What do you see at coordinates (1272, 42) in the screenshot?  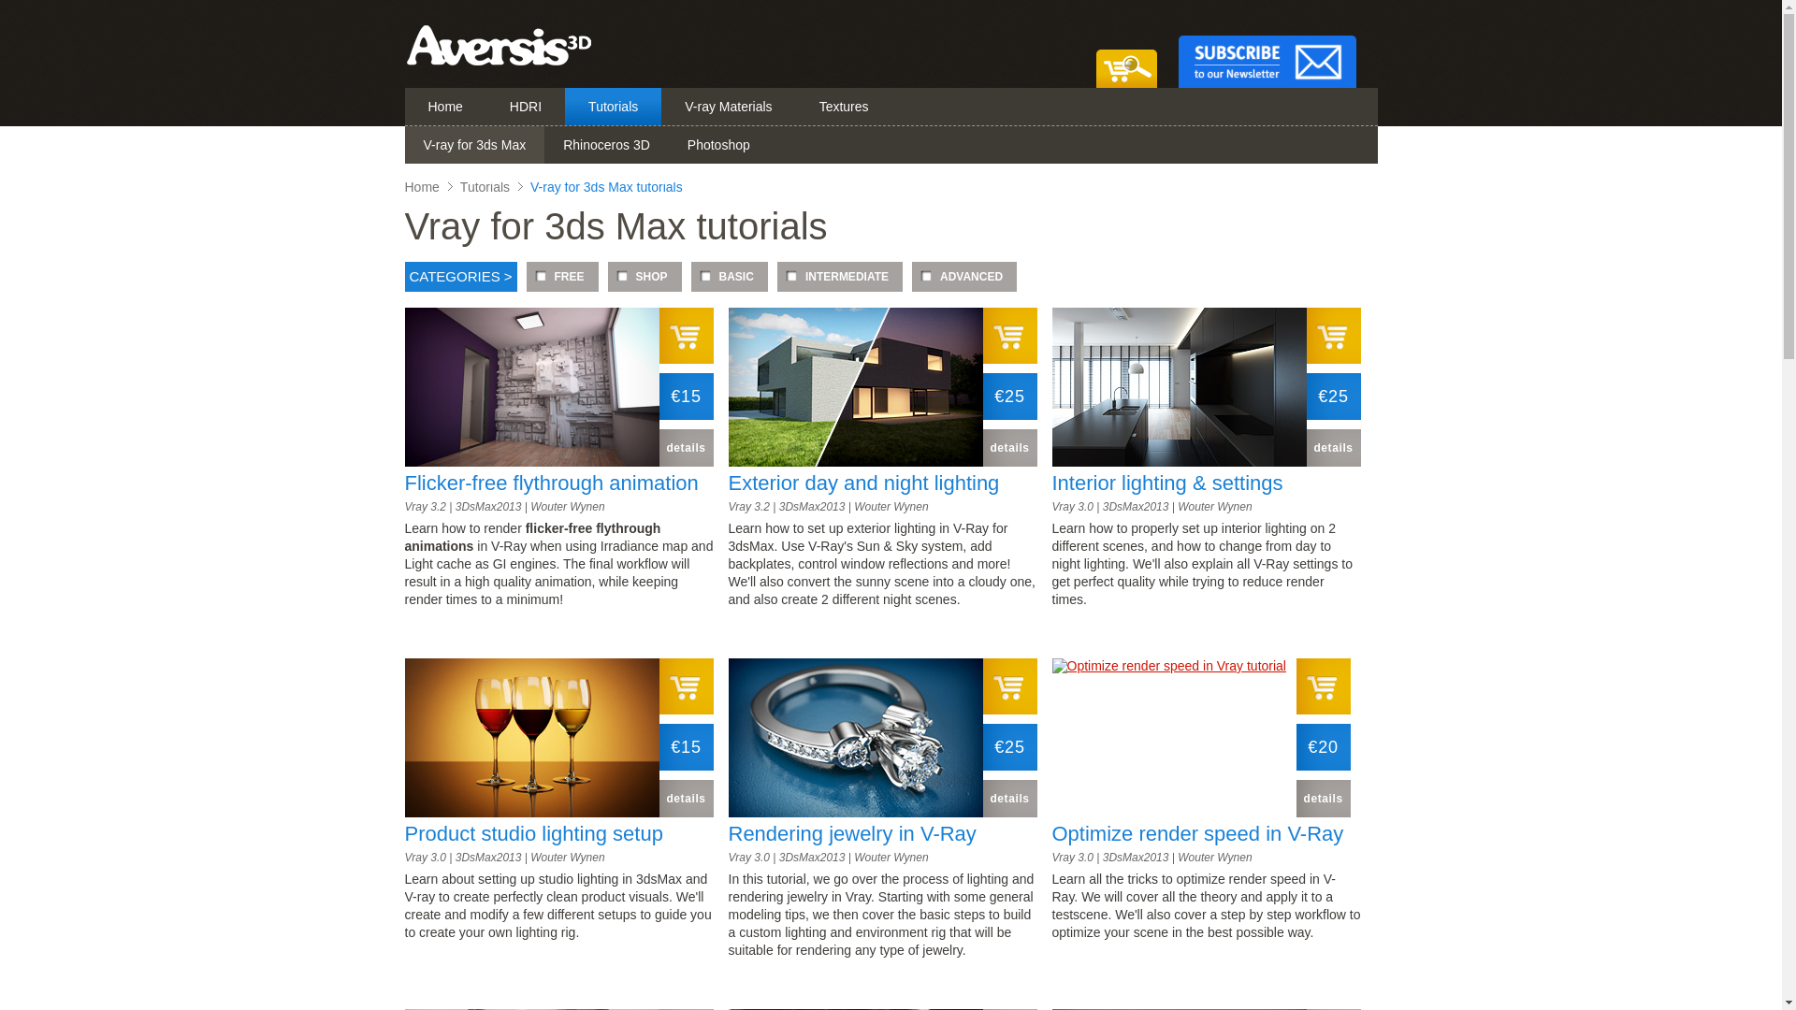 I see `'Sign up for our Newsletter'` at bounding box center [1272, 42].